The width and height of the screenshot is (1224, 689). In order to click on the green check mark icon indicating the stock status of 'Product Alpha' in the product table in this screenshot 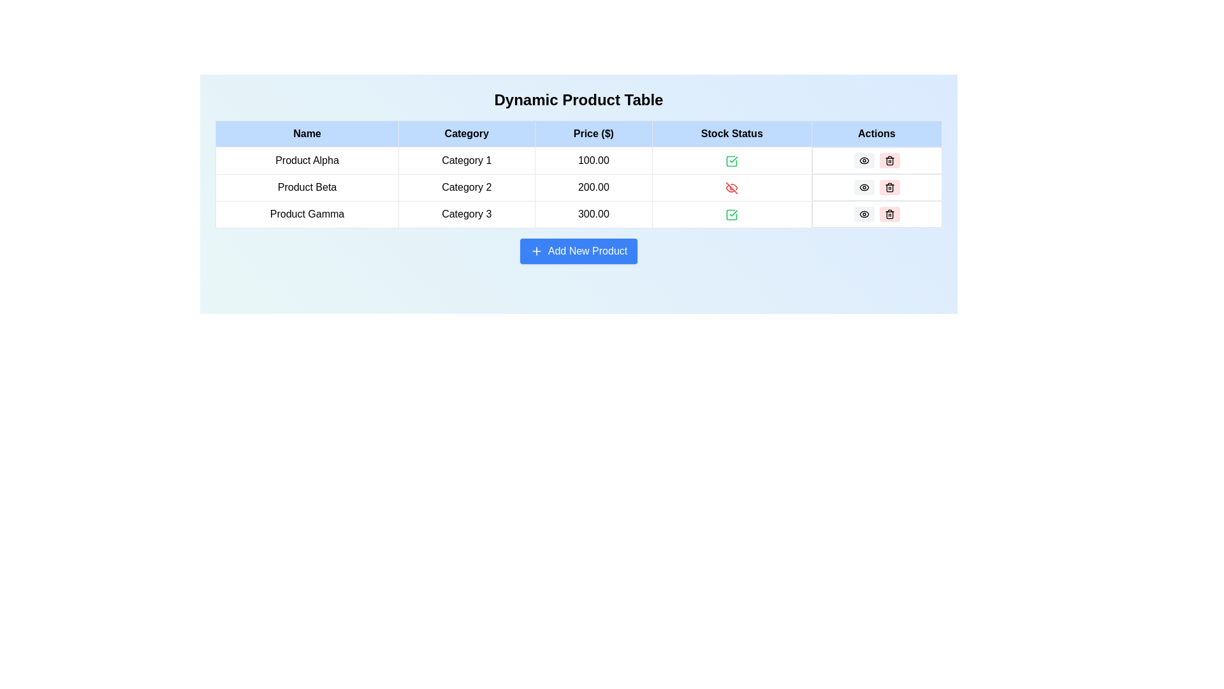, I will do `click(732, 159)`.